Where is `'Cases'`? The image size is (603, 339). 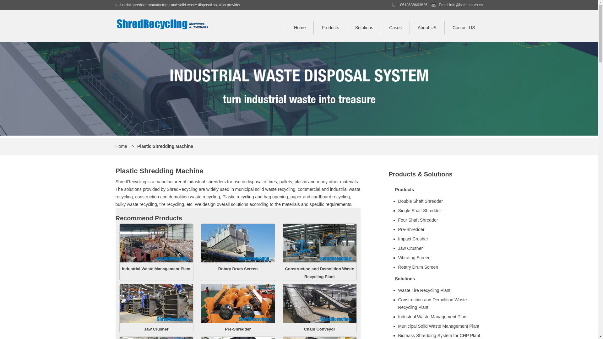
'Cases' is located at coordinates (395, 27).